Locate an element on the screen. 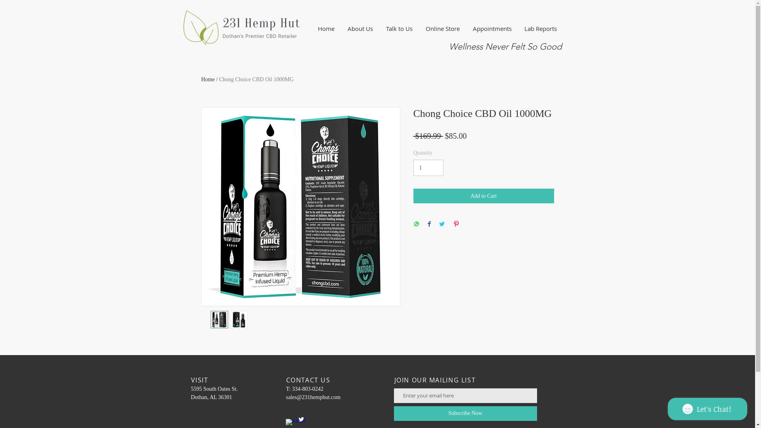 This screenshot has height=428, width=761. 'Subscribe Now' is located at coordinates (465, 413).